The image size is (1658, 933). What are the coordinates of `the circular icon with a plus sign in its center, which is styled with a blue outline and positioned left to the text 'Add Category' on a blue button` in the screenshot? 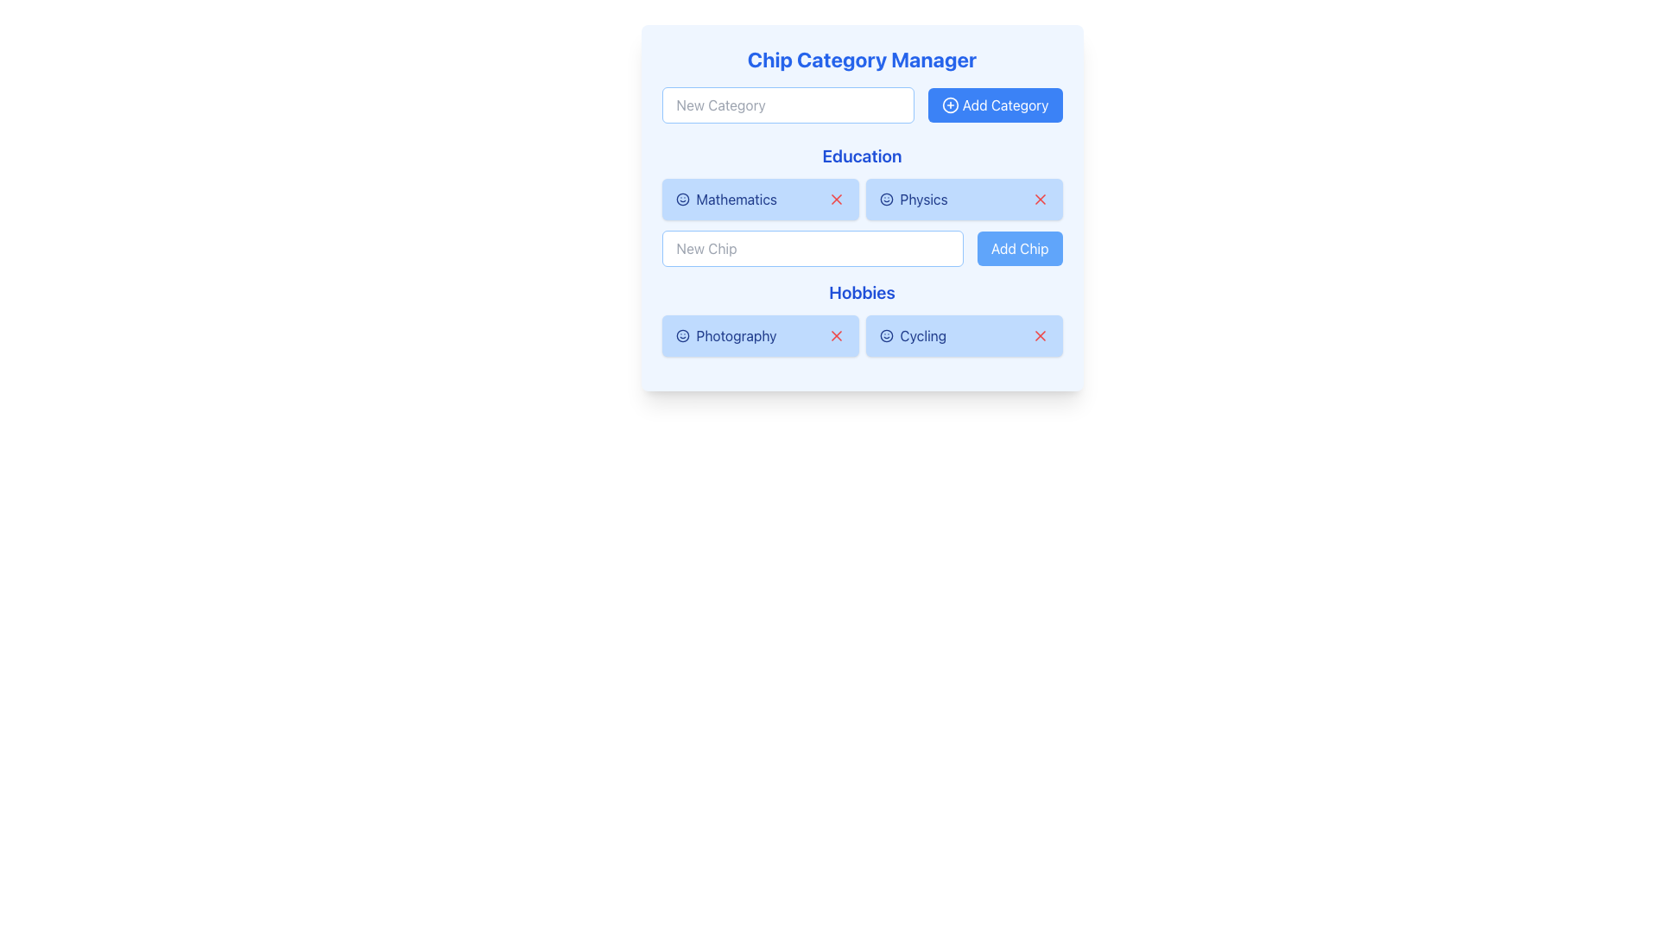 It's located at (949, 105).